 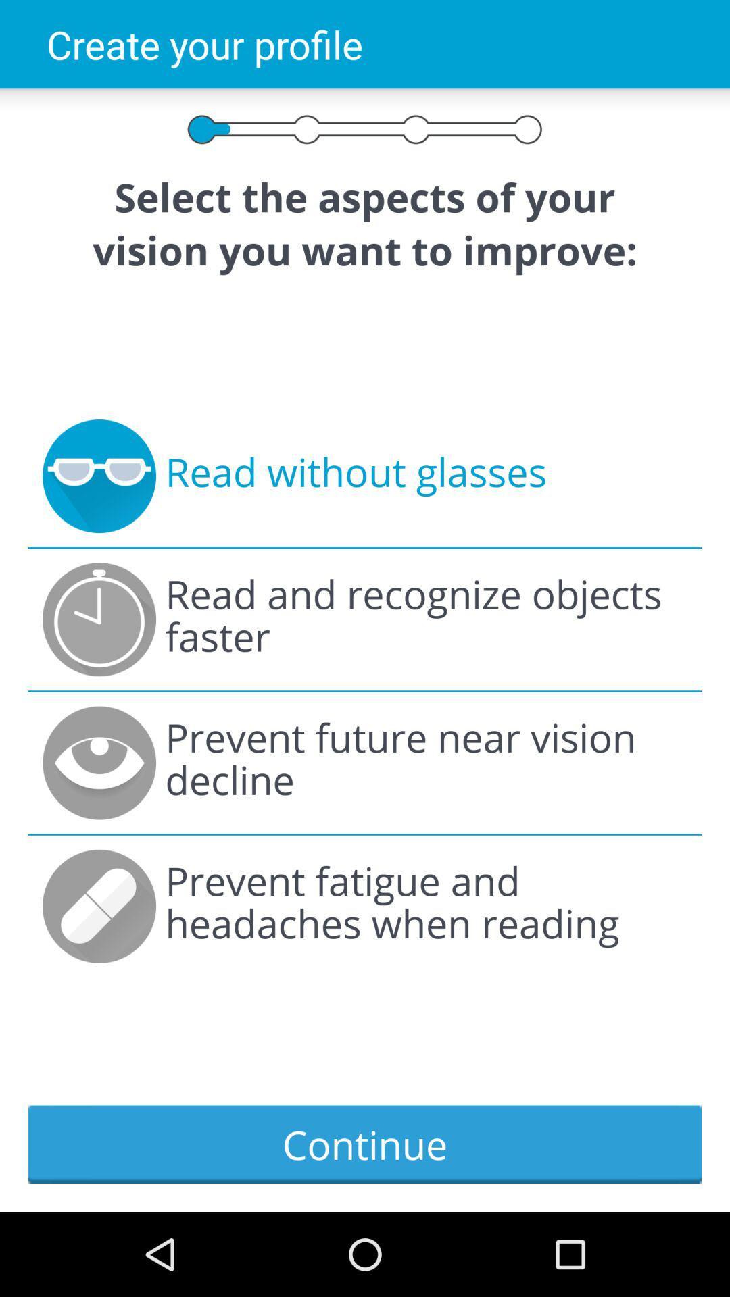 I want to click on the item below the prevent future near item, so click(x=426, y=906).